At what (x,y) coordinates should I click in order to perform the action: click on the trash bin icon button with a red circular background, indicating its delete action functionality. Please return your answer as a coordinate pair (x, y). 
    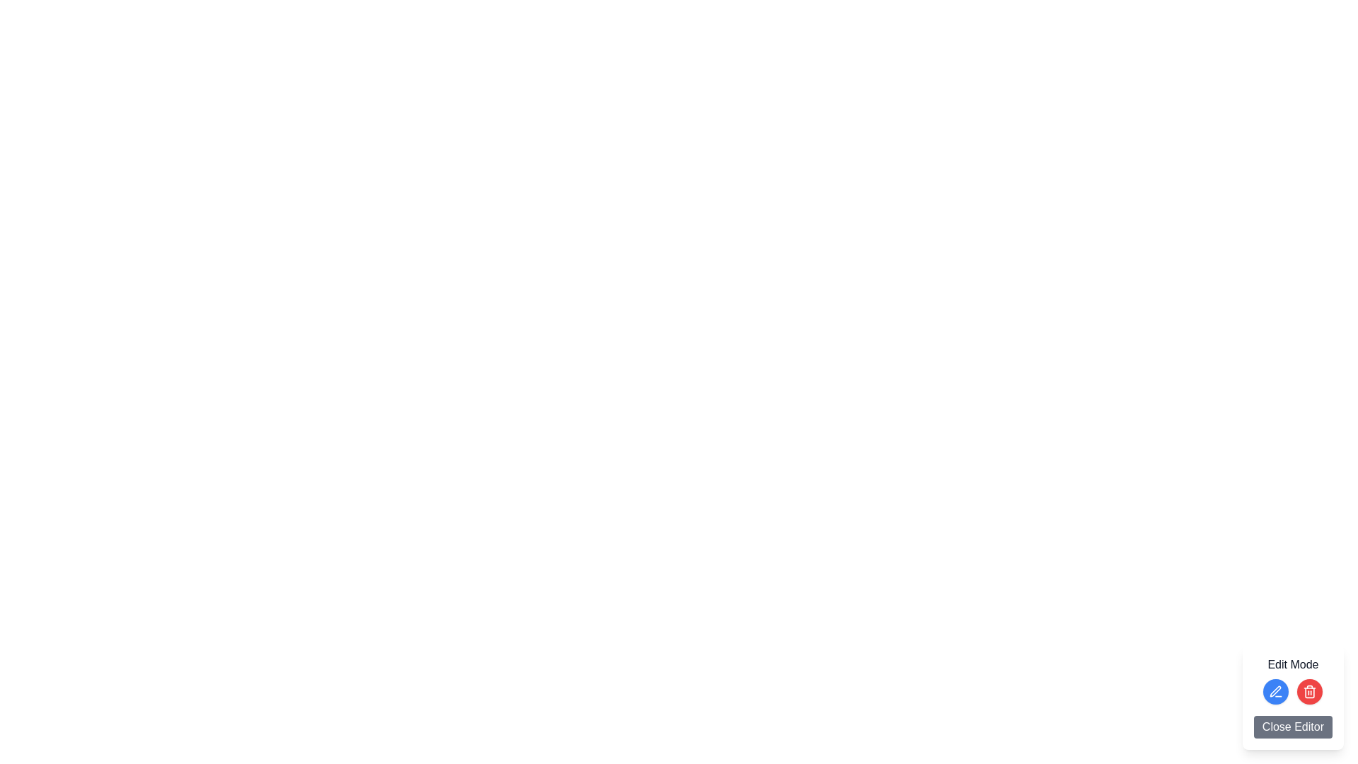
    Looking at the image, I should click on (1309, 691).